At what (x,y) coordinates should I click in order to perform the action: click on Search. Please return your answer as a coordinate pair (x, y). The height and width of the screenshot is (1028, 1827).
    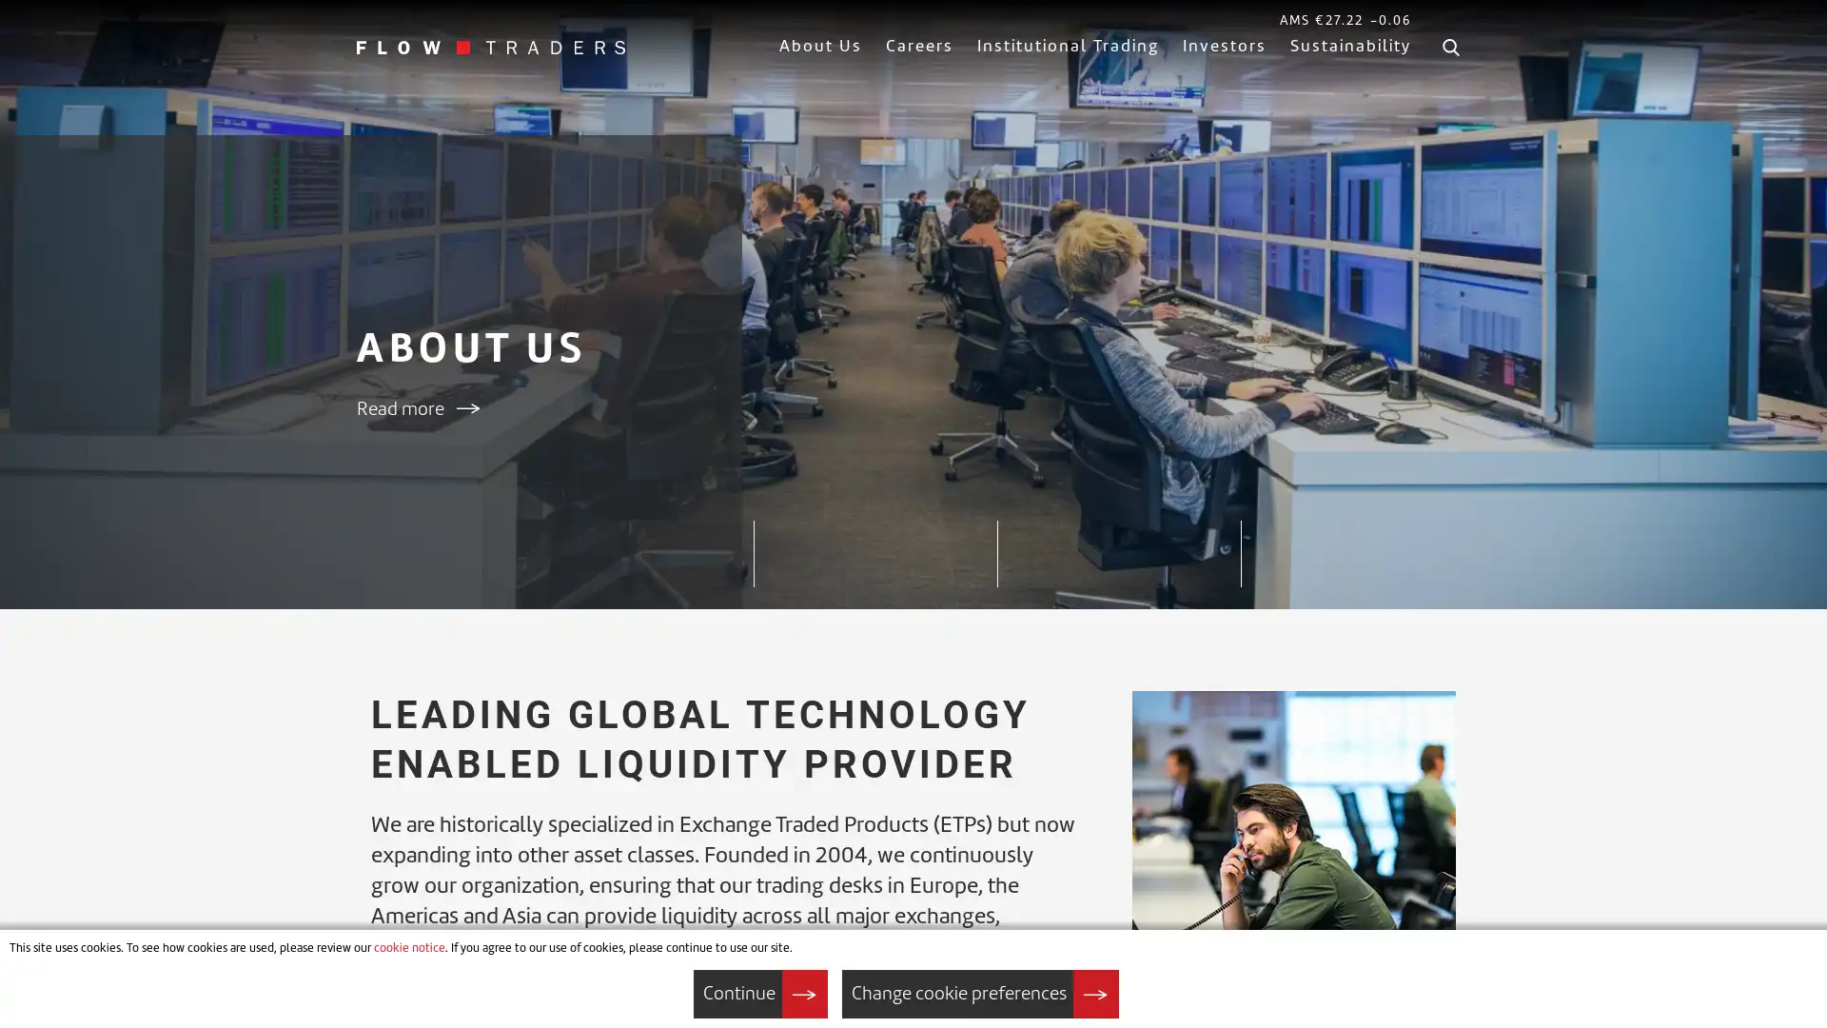
    Looking at the image, I should click on (1450, 47).